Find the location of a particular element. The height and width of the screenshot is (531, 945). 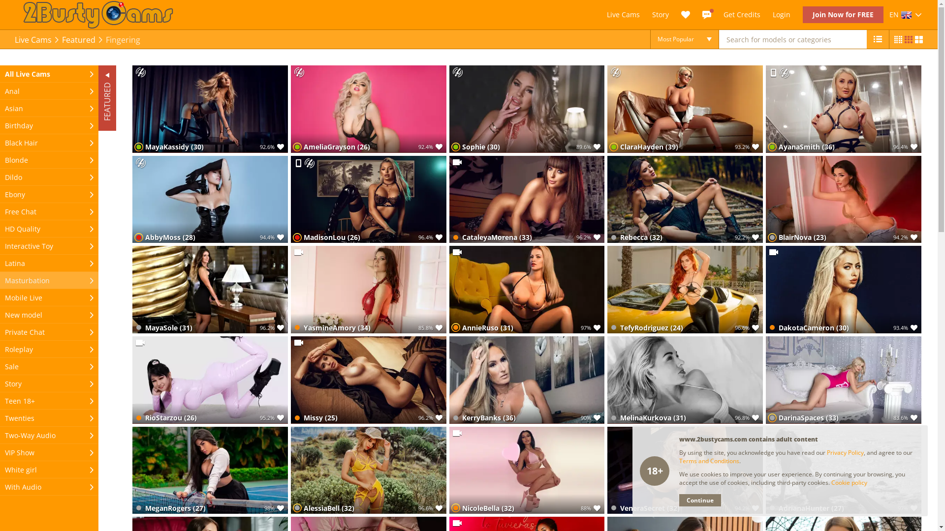

'Anal' is located at coordinates (49, 91).